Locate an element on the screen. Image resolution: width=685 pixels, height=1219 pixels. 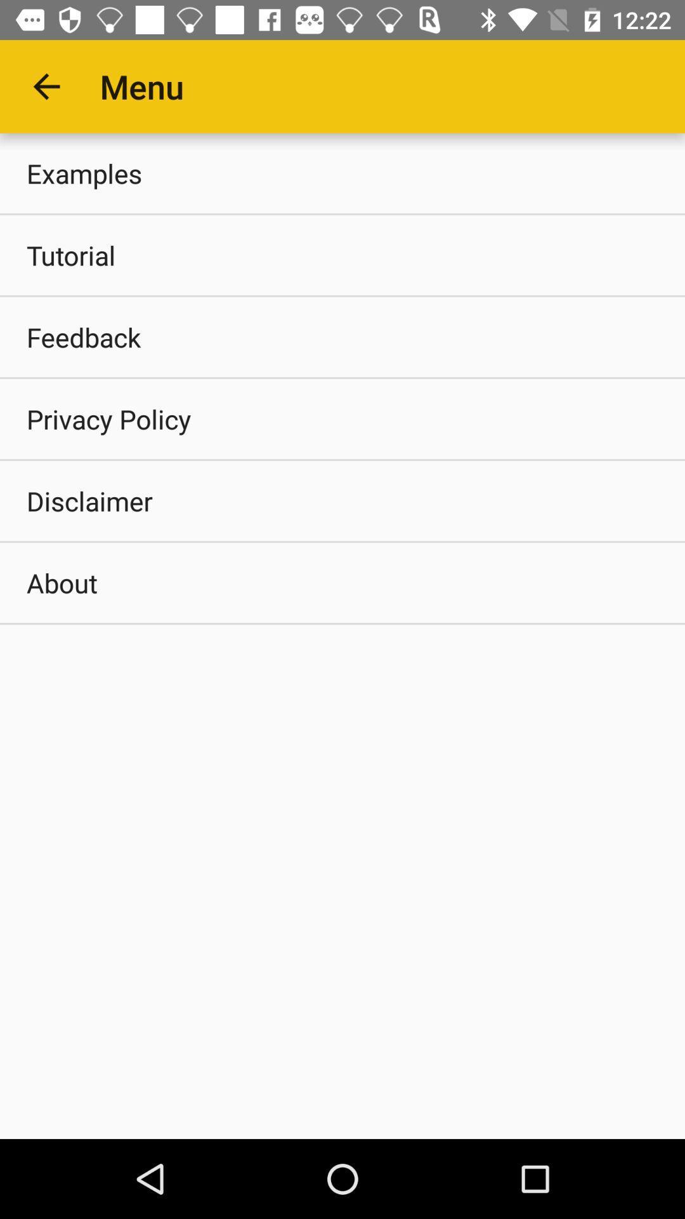
the tutorial item is located at coordinates (342, 255).